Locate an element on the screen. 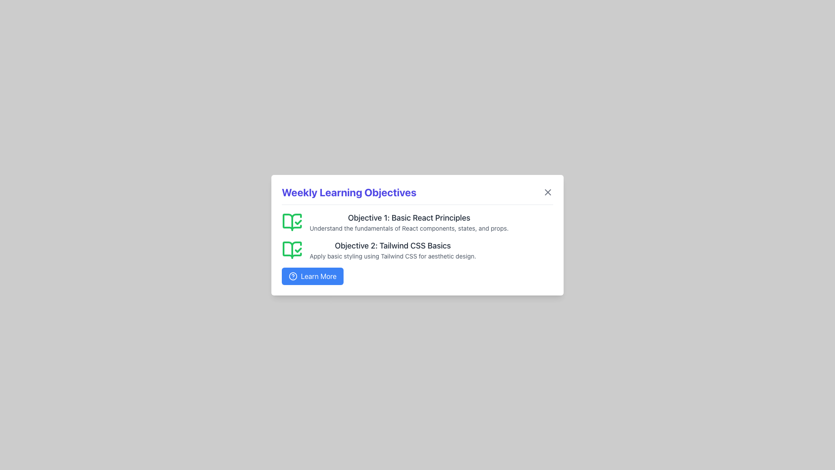 The image size is (835, 470). the completion verification icon located to the left of the text 'Objective 1: Basic React Principles' in the card-like interface's first item of the list is located at coordinates (292, 221).